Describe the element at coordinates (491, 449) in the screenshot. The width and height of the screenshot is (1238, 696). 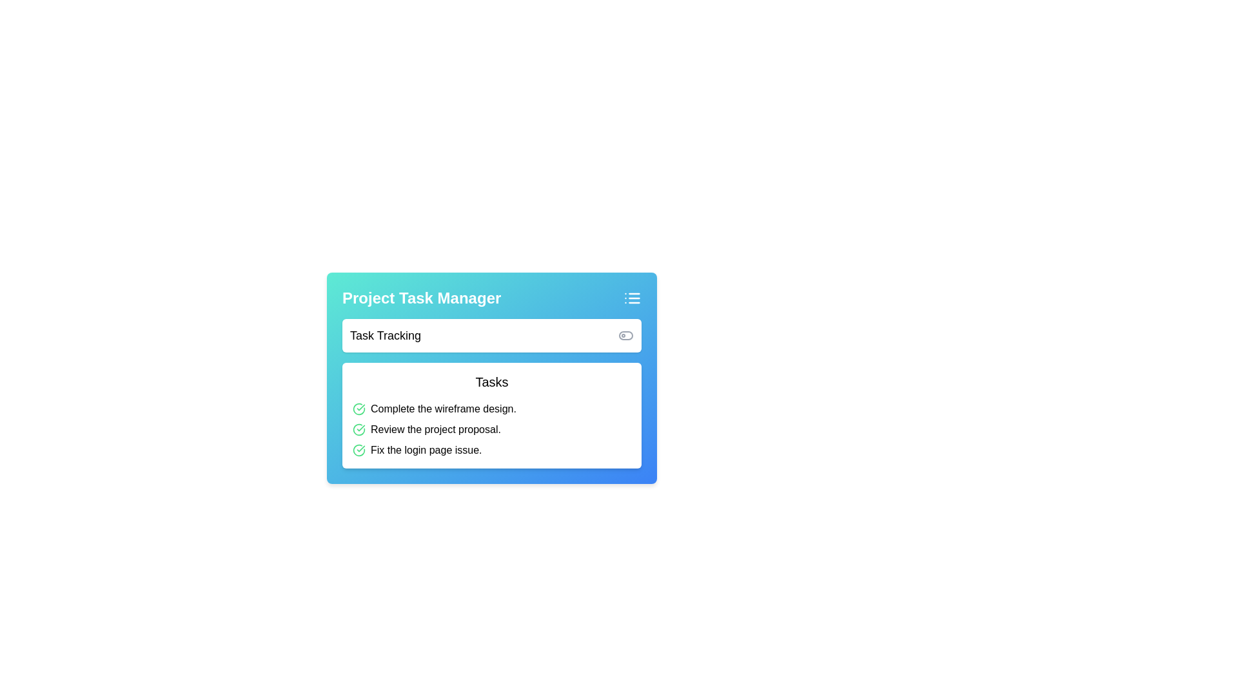
I see `the completed task list item that signifies 'Fix the login page issue.' in the 'Tasks' section` at that location.